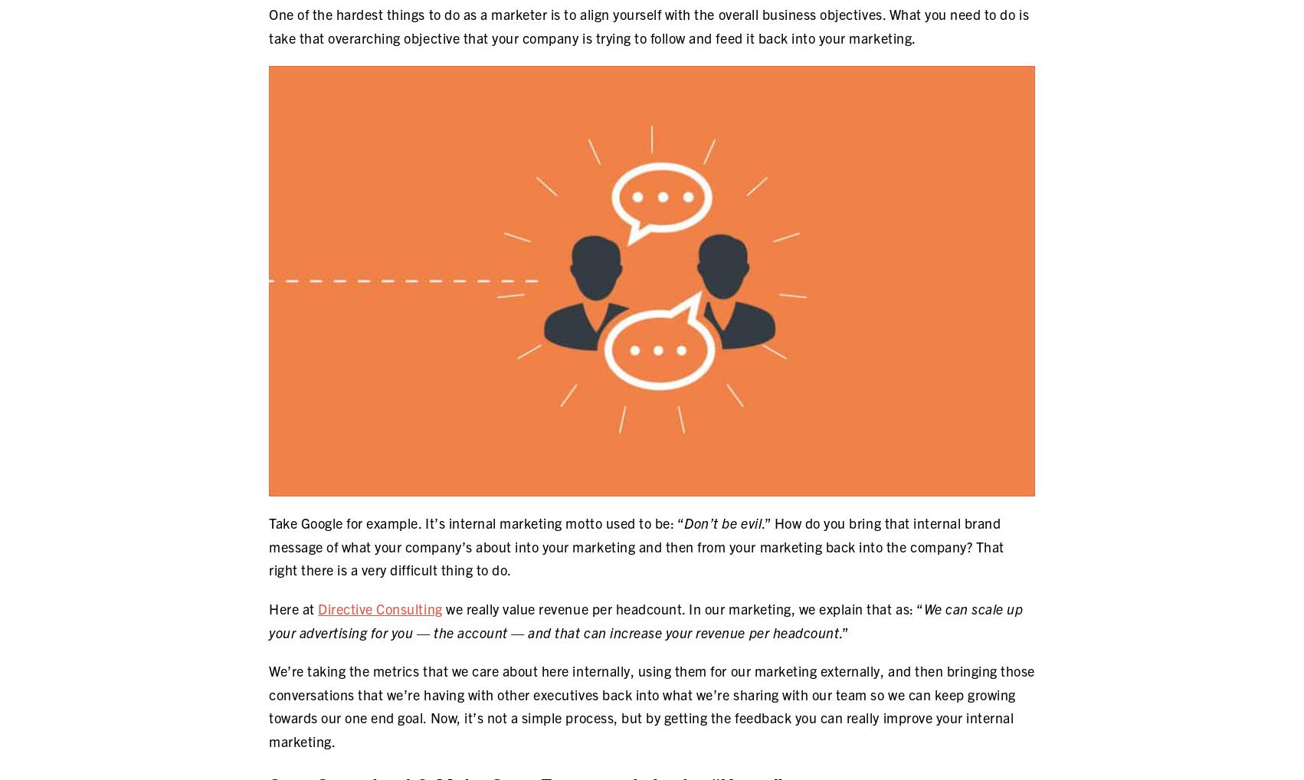  What do you see at coordinates (293, 608) in the screenshot?
I see `'Here at'` at bounding box center [293, 608].